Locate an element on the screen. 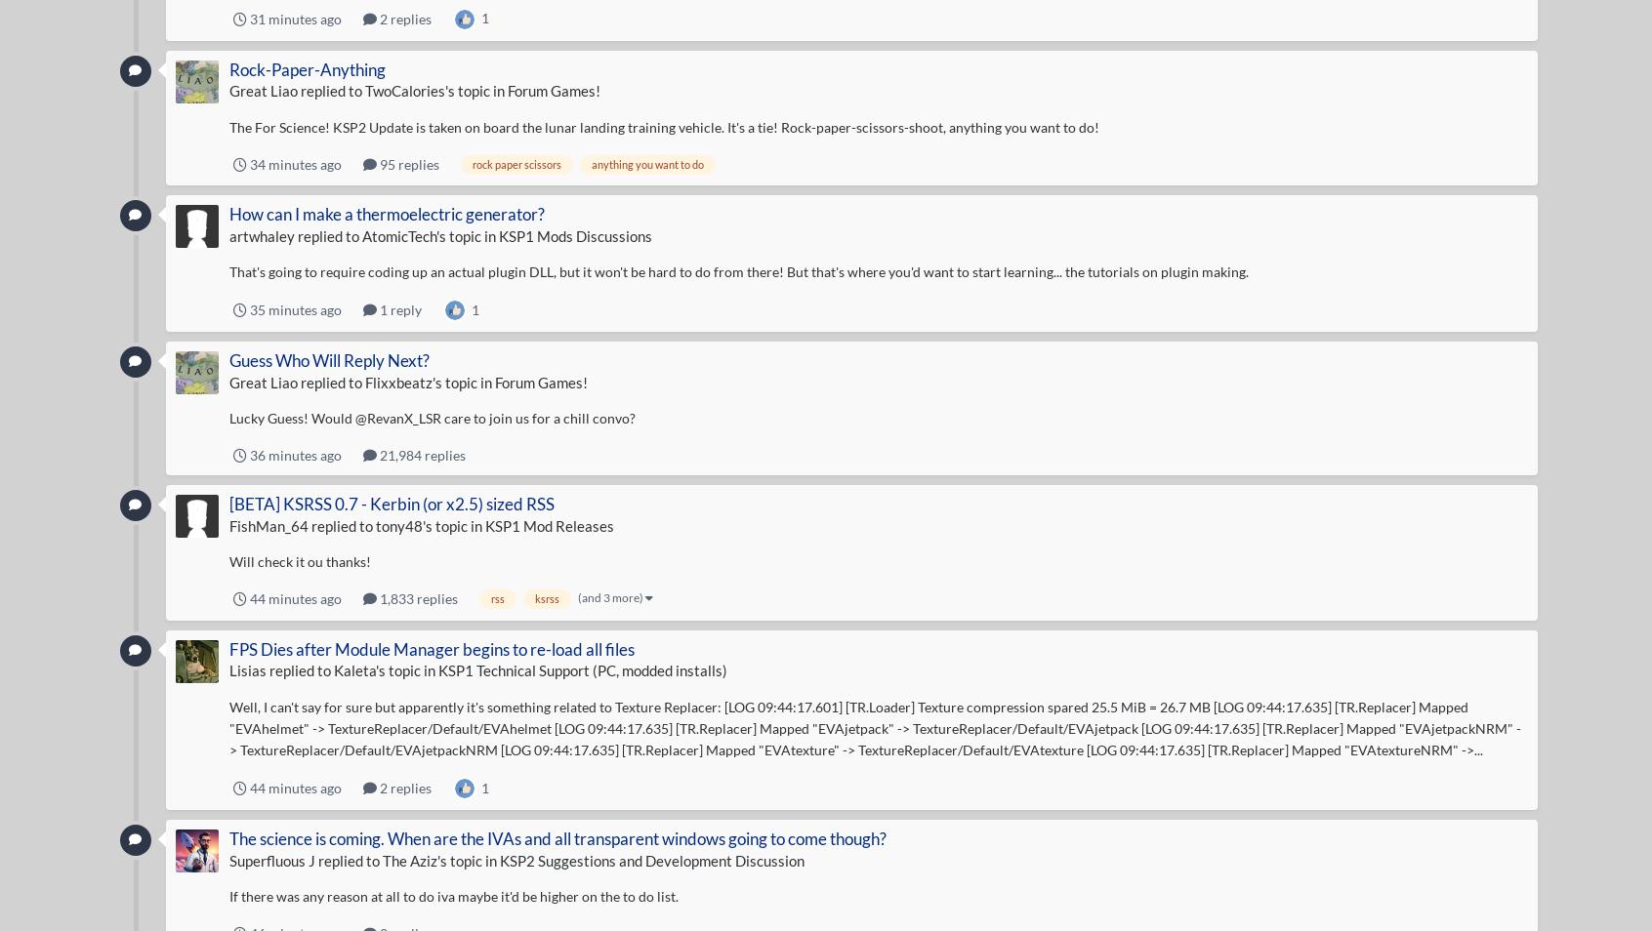 Image resolution: width=1652 pixels, height=931 pixels. 'Kaleta' is located at coordinates (353, 668).